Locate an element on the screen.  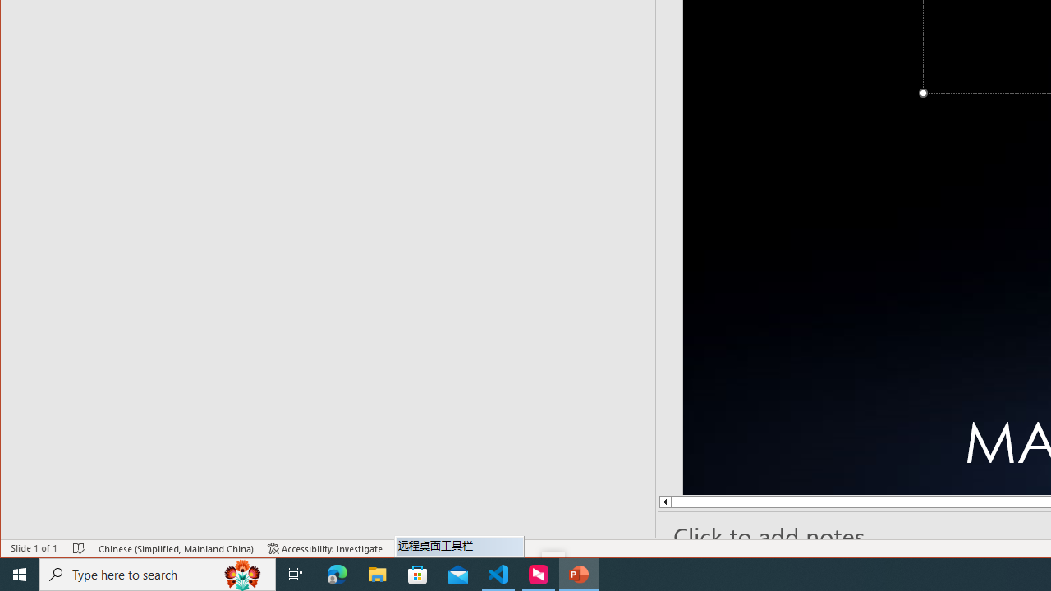
'Accessibility Checker Accessibility: Investigate' is located at coordinates (325, 548).